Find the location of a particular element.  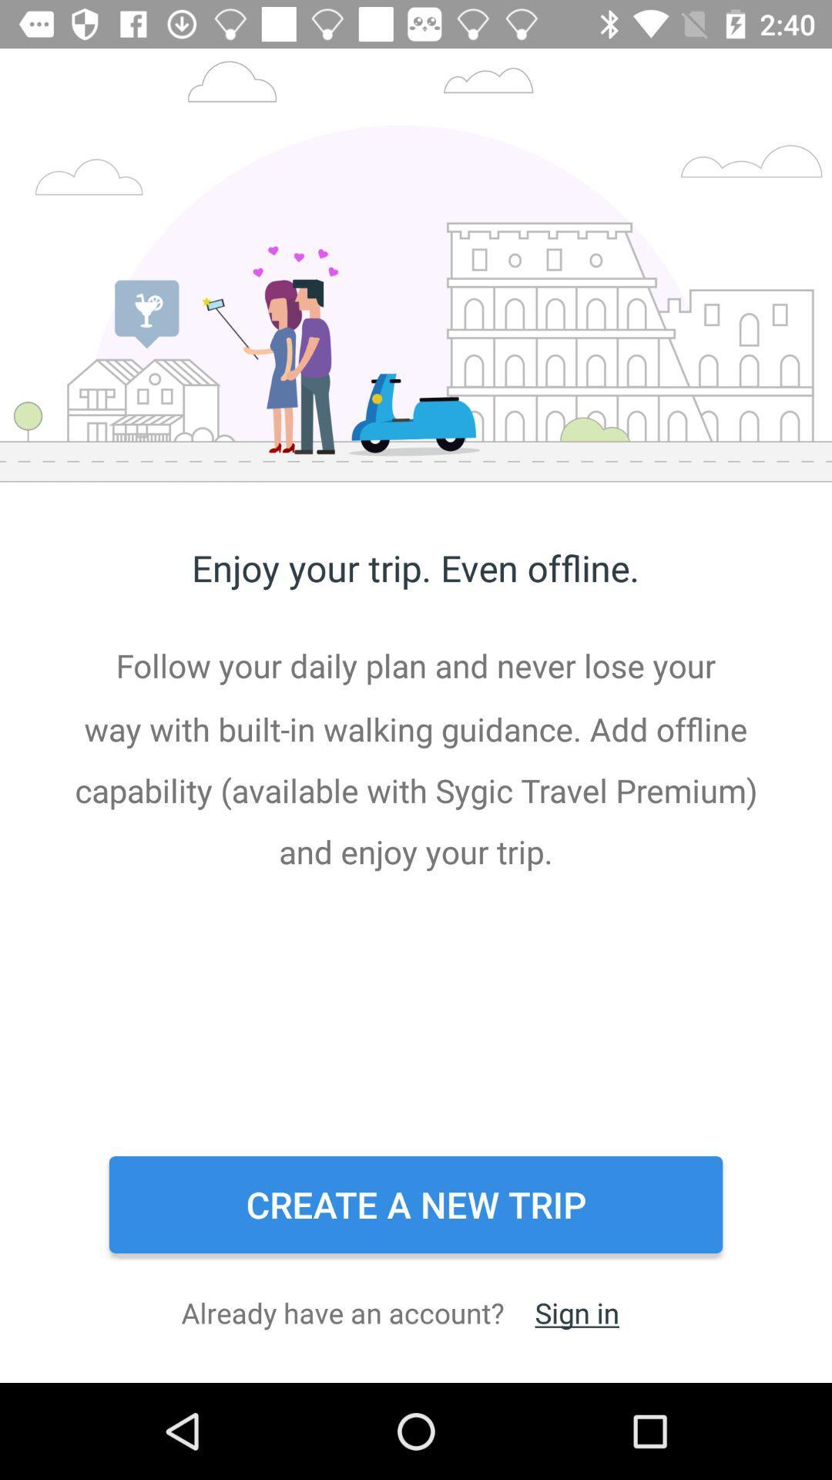

the item next to the already have an is located at coordinates (577, 1312).